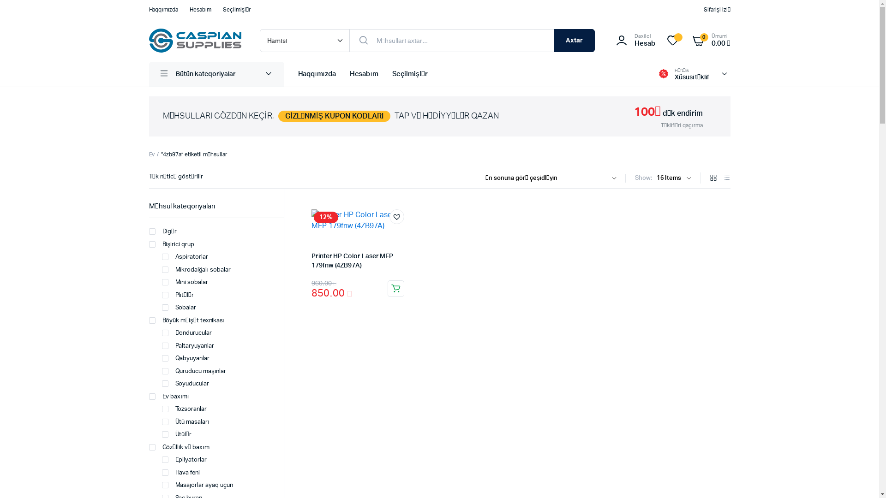 This screenshot has width=886, height=498. I want to click on 'Tozsoranlar', so click(184, 409).